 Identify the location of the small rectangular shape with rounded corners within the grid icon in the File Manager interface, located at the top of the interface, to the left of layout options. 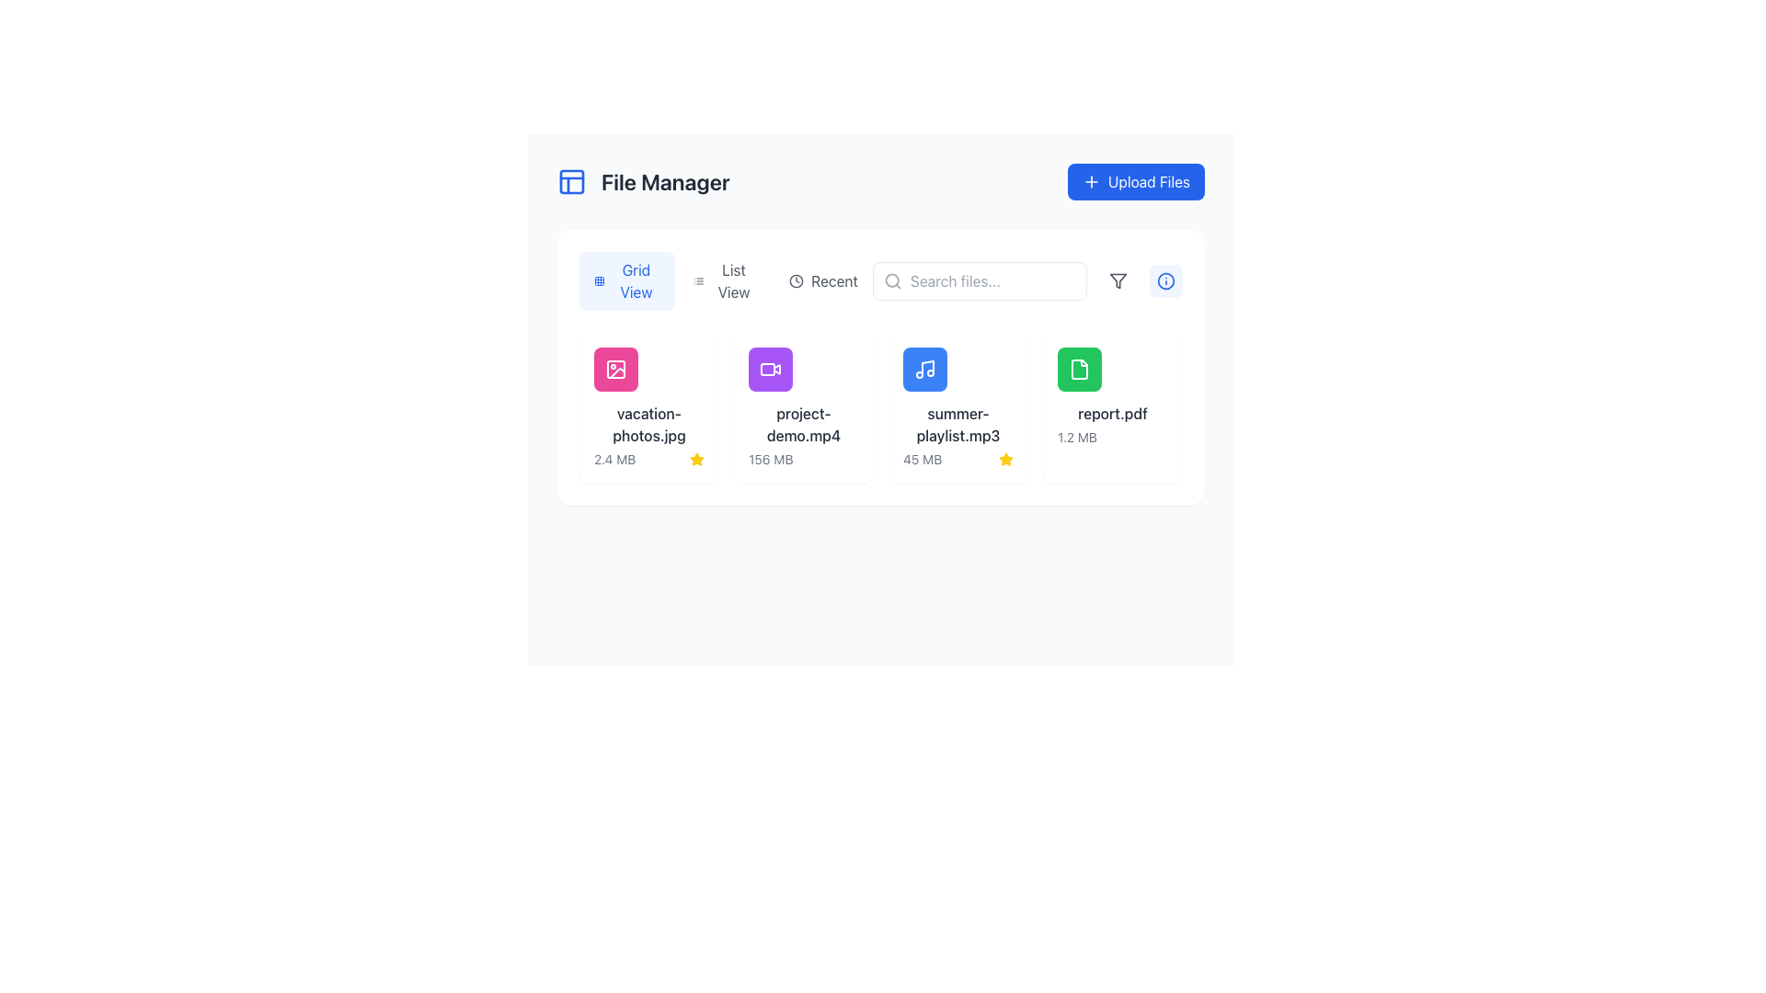
(600, 280).